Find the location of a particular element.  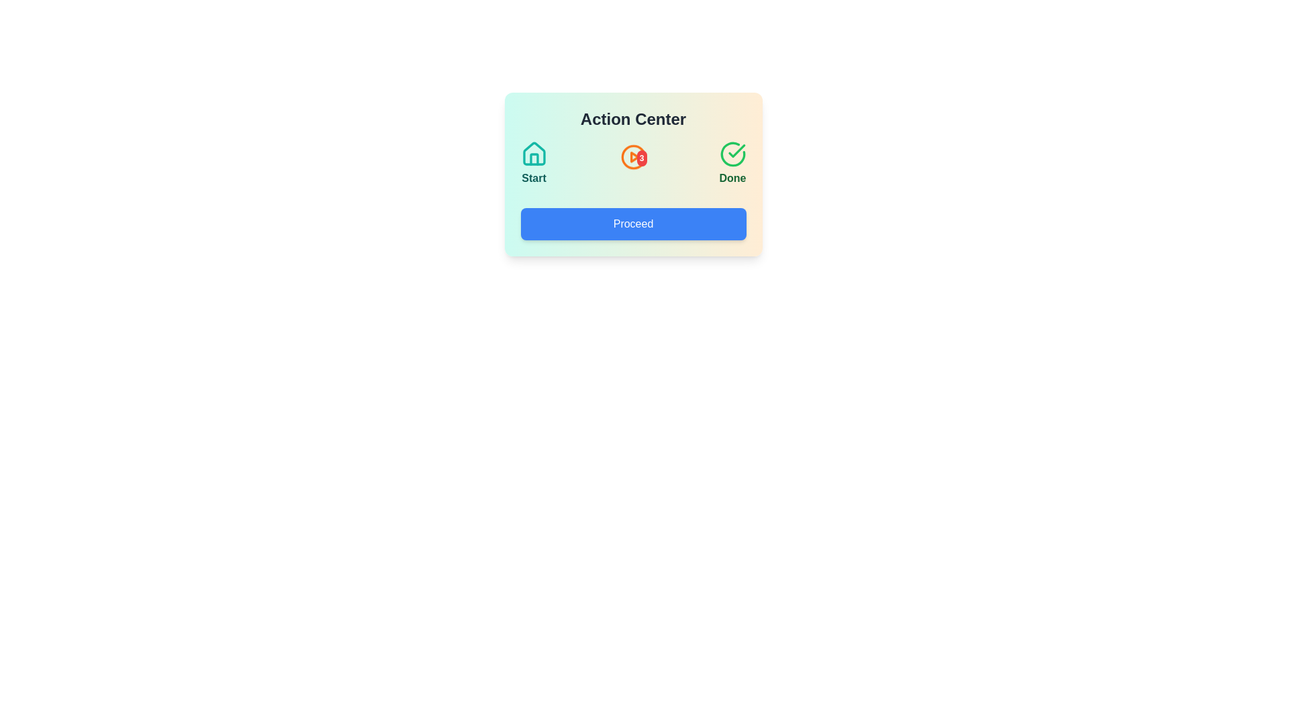

the circular icon with an embedded play symbol and notification badge, which has a red badge displaying the number '3', to initiate playback or related action is located at coordinates (632, 160).